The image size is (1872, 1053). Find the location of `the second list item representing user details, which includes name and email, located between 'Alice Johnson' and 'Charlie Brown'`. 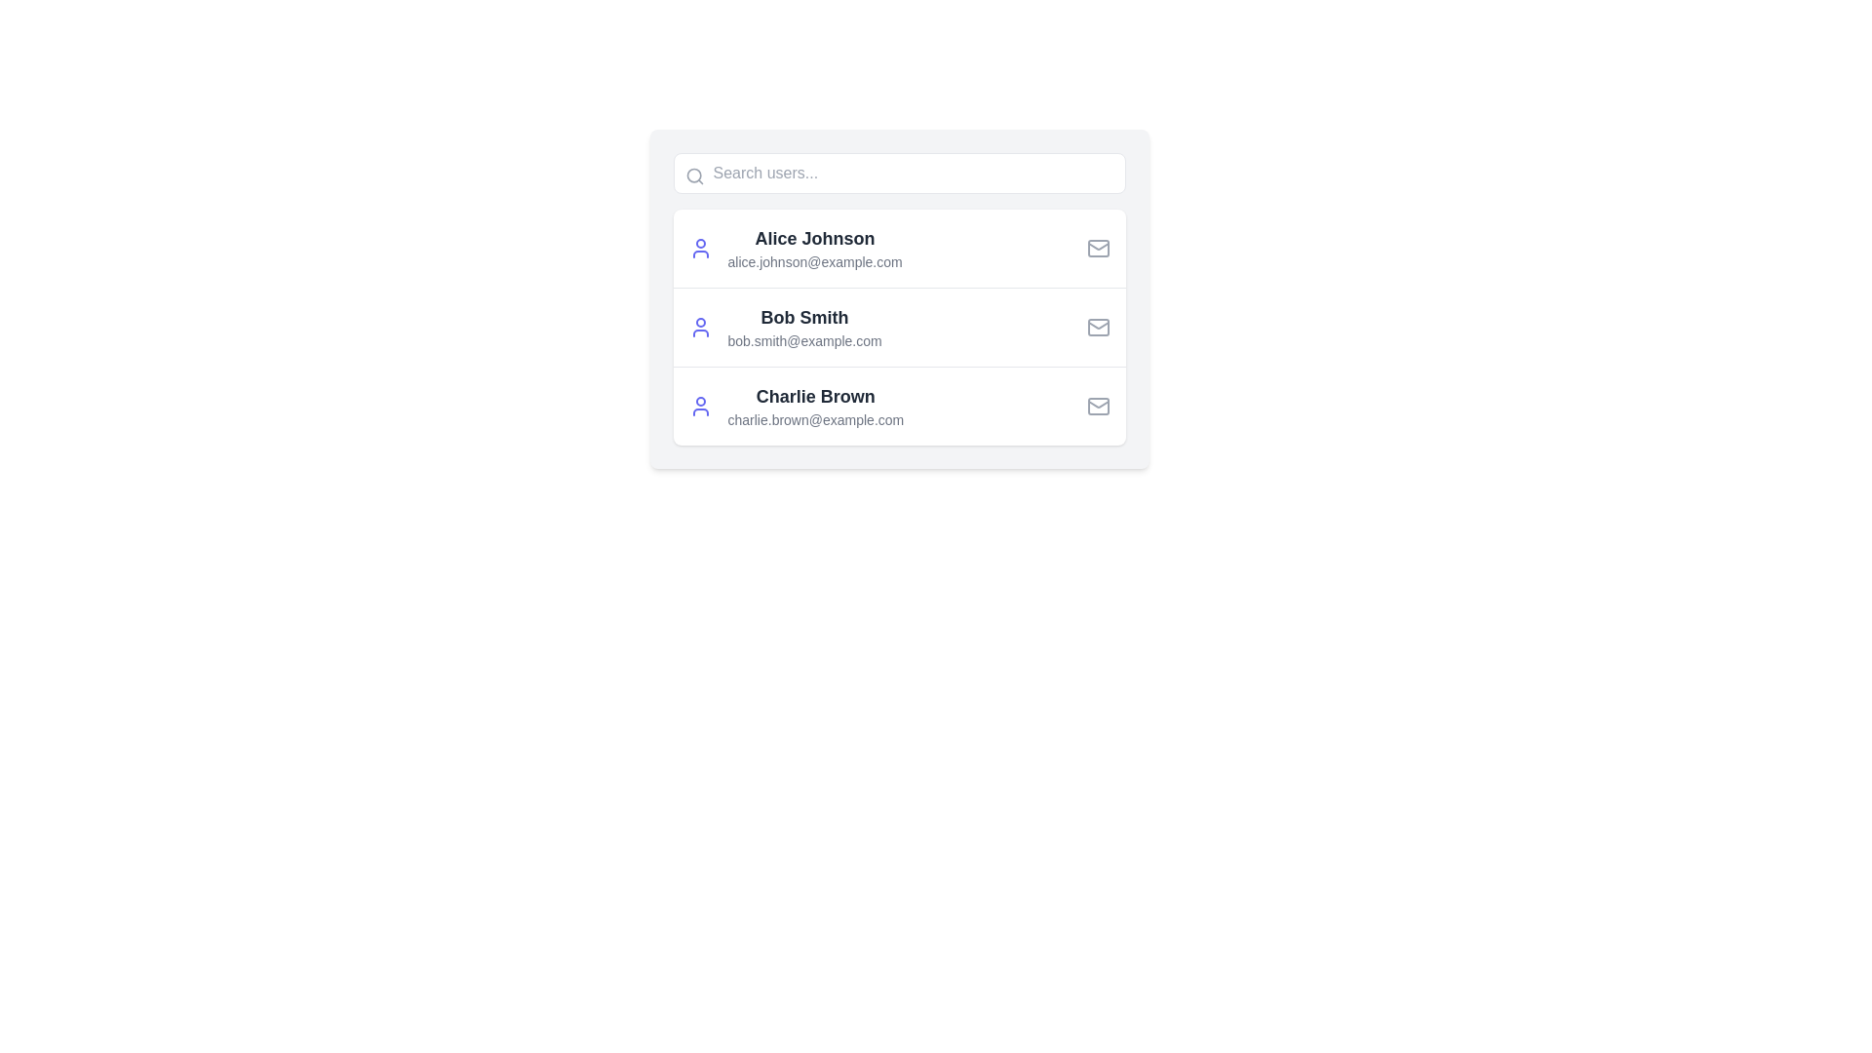

the second list item representing user details, which includes name and email, located between 'Alice Johnson' and 'Charlie Brown' is located at coordinates (898, 326).